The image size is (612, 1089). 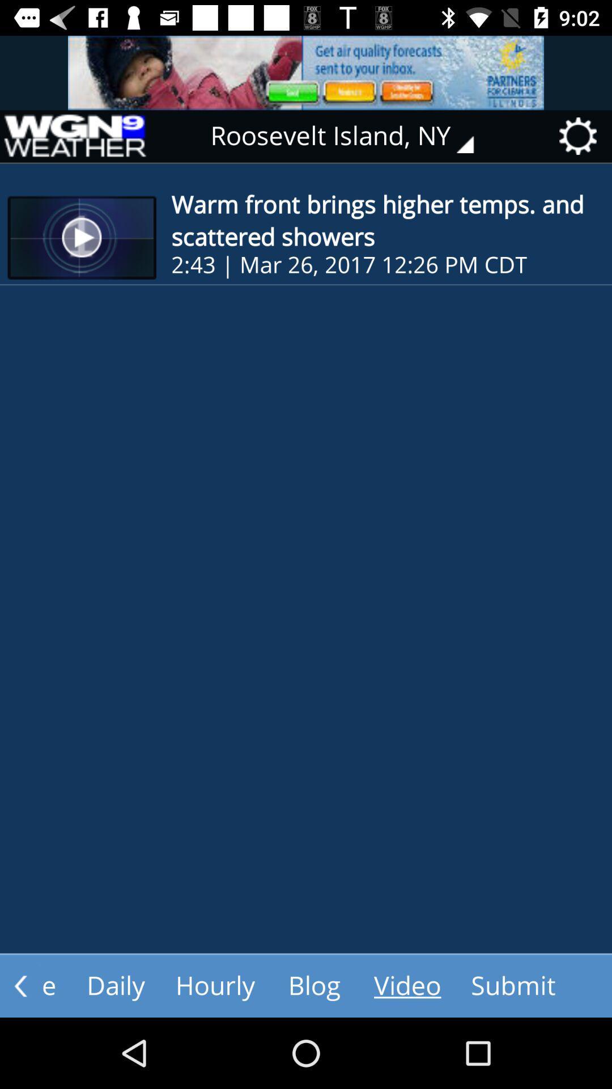 What do you see at coordinates (20, 985) in the screenshot?
I see `the arrow_backward icon` at bounding box center [20, 985].